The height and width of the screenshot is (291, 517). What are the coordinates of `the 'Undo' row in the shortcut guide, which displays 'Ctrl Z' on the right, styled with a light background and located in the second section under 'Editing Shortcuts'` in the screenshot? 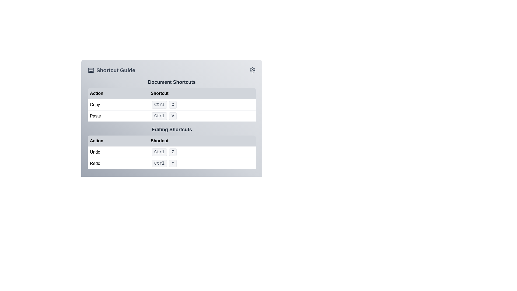 It's located at (172, 152).